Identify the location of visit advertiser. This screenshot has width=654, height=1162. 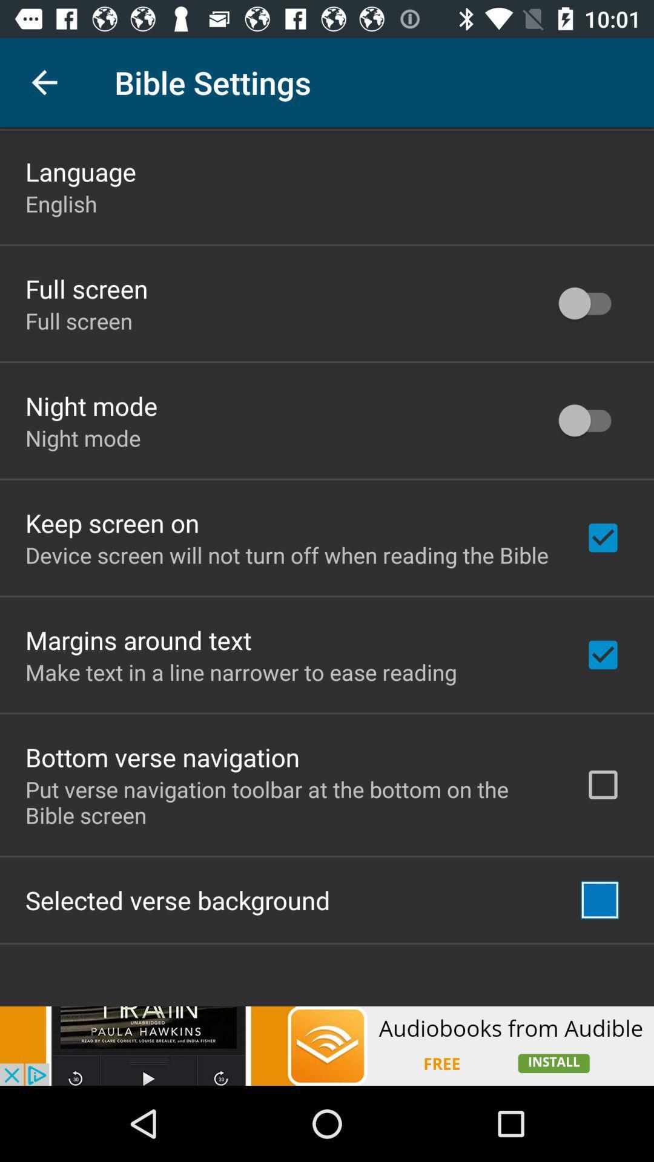
(327, 1045).